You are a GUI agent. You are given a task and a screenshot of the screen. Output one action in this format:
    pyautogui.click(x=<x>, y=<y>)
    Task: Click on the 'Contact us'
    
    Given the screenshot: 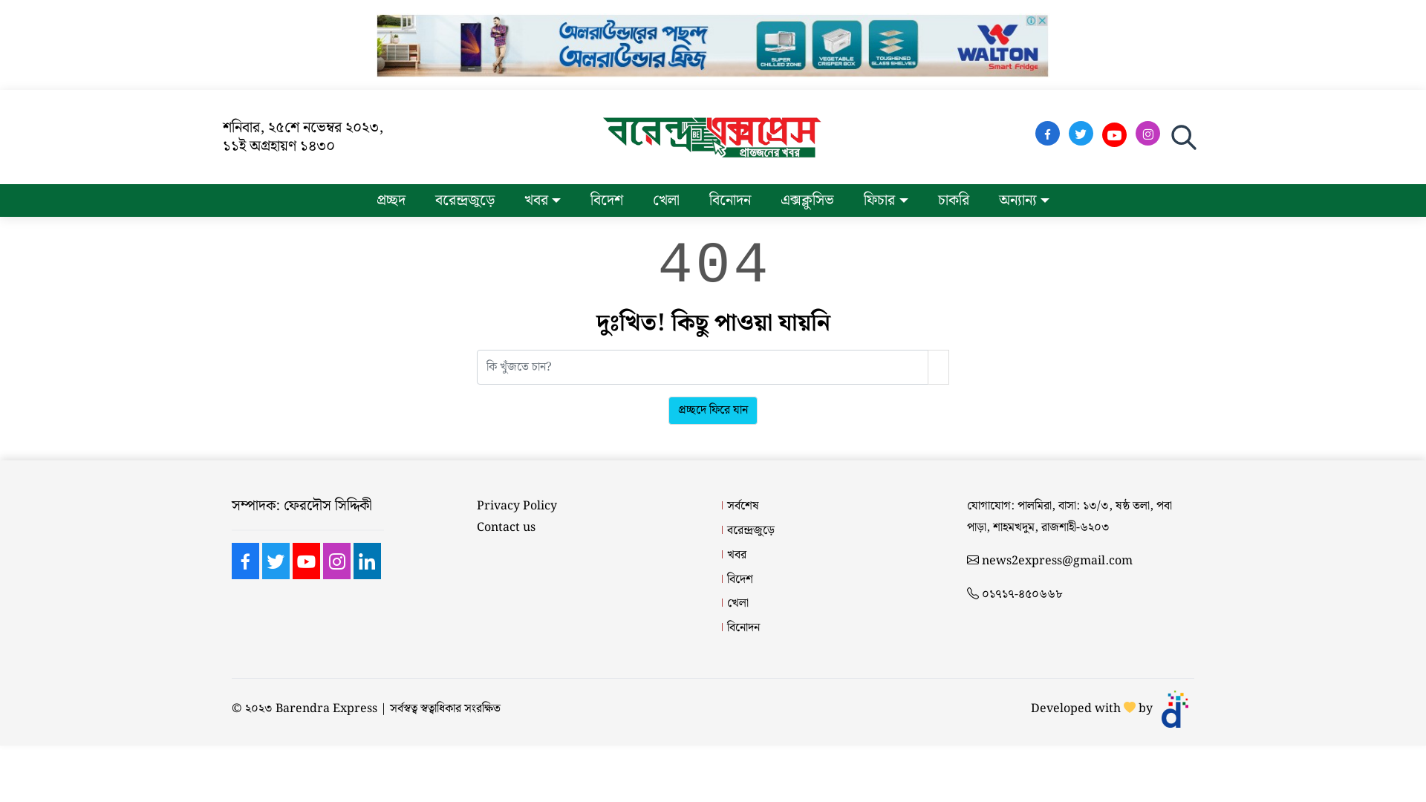 What is the action you would take?
    pyautogui.click(x=506, y=527)
    